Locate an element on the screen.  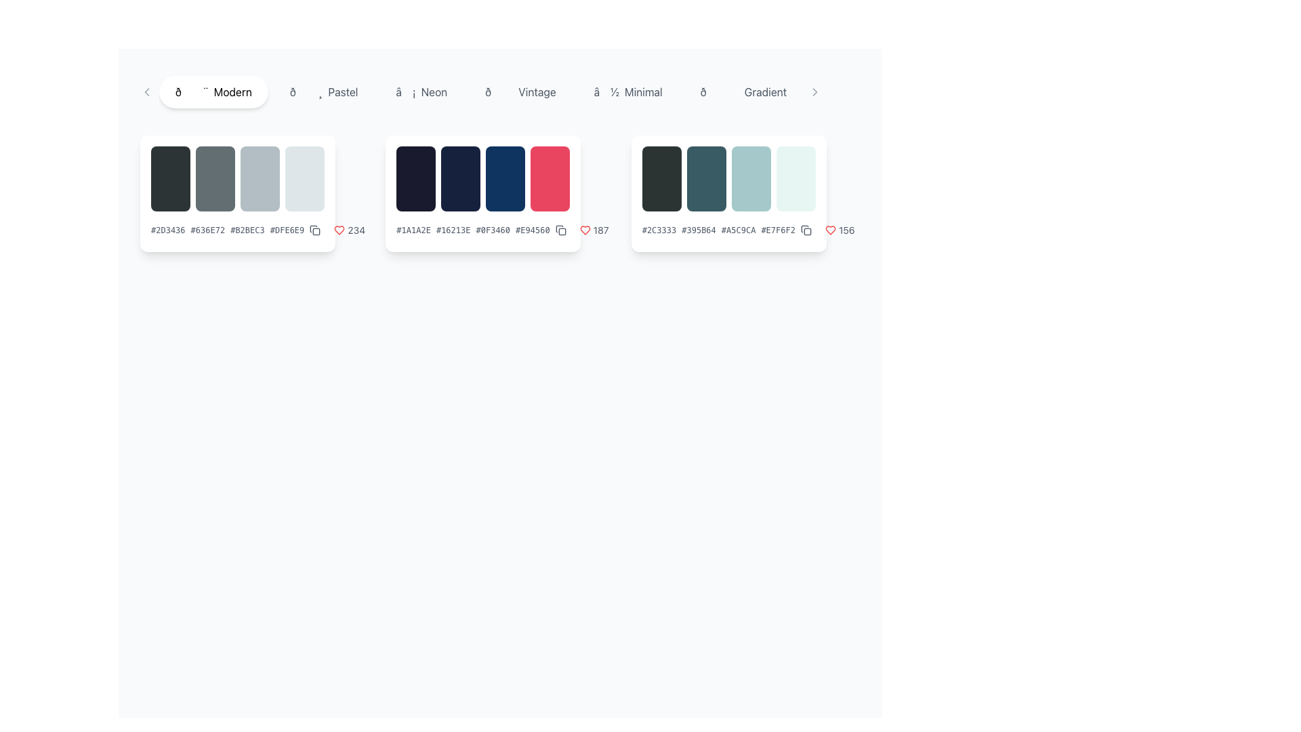
the Text Label displaying the hexadecimal color code '#1A1A2E' to possibly display additional options or effects is located at coordinates (413, 229).